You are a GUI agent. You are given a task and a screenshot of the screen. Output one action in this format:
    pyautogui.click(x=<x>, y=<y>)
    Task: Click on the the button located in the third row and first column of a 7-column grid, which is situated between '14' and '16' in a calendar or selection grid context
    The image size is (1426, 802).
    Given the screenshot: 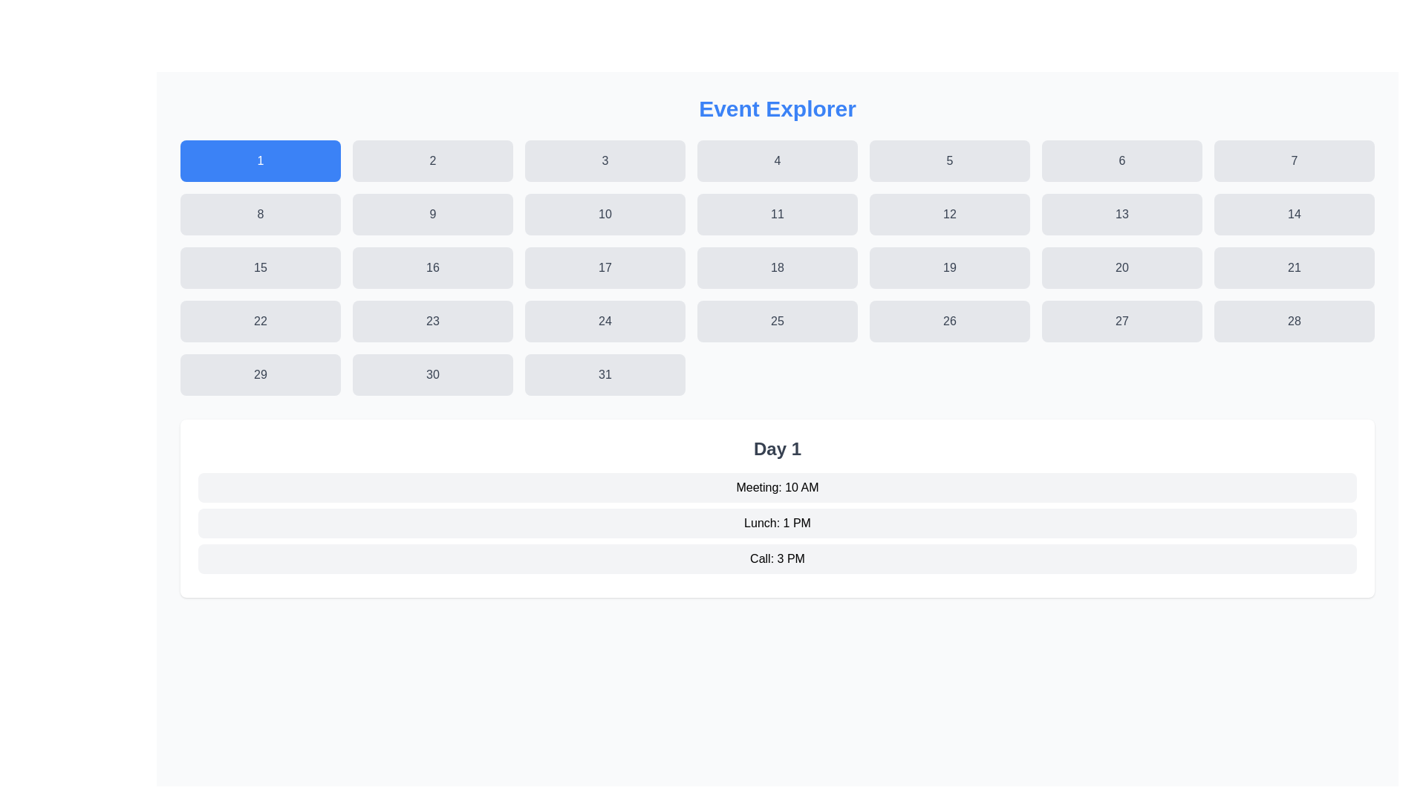 What is the action you would take?
    pyautogui.click(x=260, y=268)
    